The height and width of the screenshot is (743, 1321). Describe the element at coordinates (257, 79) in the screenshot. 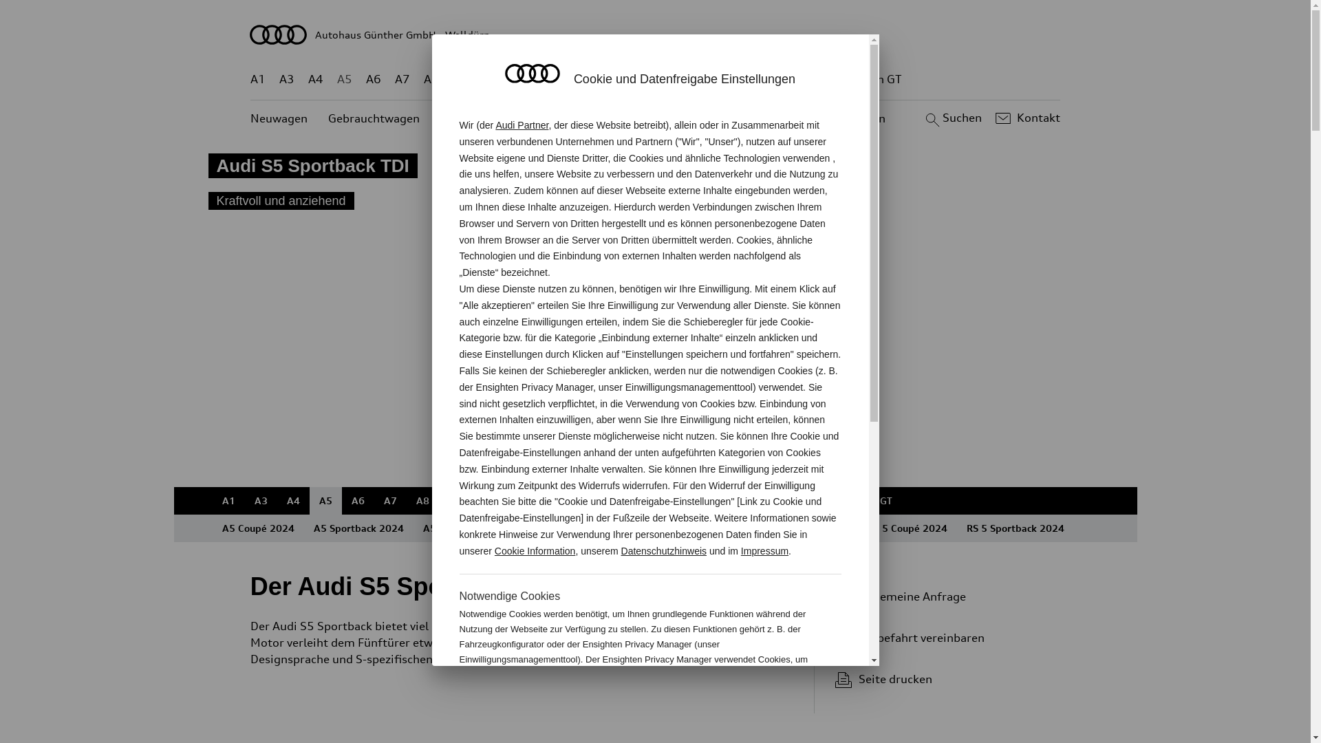

I see `'A1'` at that location.